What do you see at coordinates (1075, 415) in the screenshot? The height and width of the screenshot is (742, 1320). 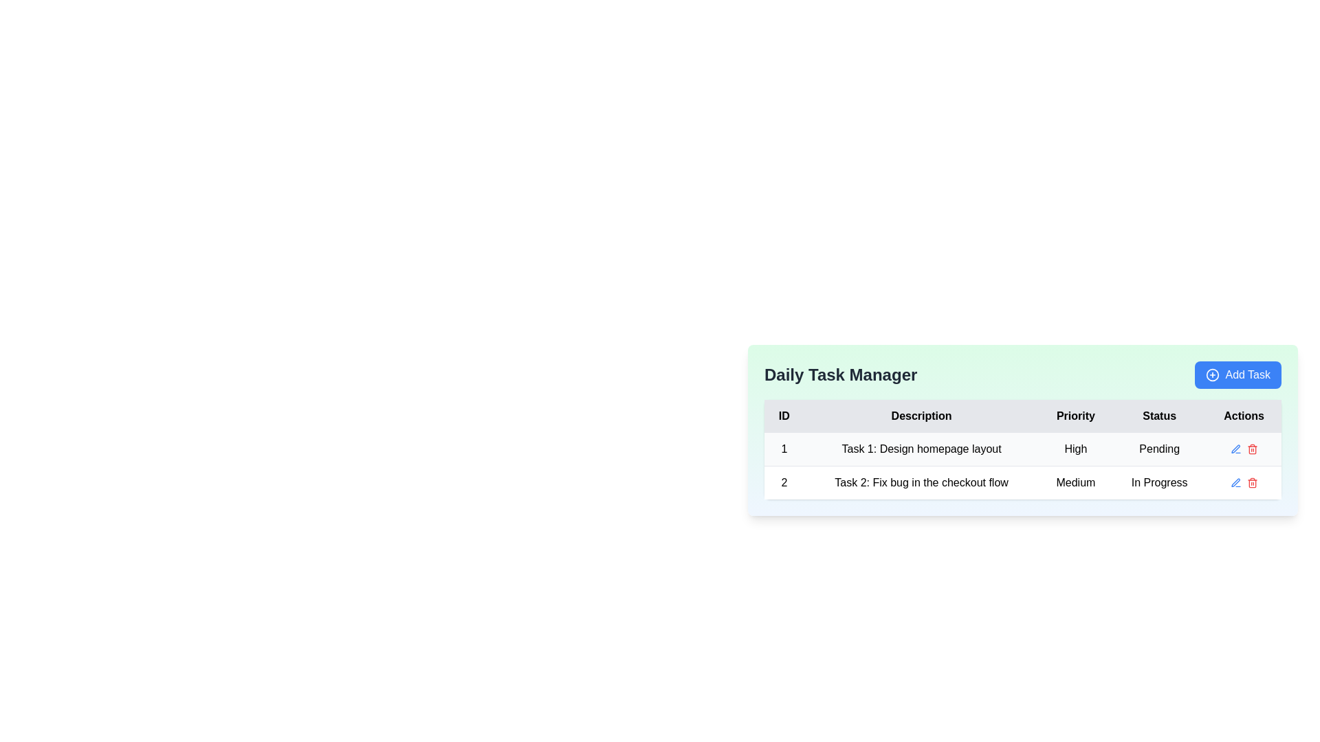 I see `the centered text label reading 'Priority', which is the third column header in a row of five headers within a table, positioned between 'Description' and 'Status'` at bounding box center [1075, 415].